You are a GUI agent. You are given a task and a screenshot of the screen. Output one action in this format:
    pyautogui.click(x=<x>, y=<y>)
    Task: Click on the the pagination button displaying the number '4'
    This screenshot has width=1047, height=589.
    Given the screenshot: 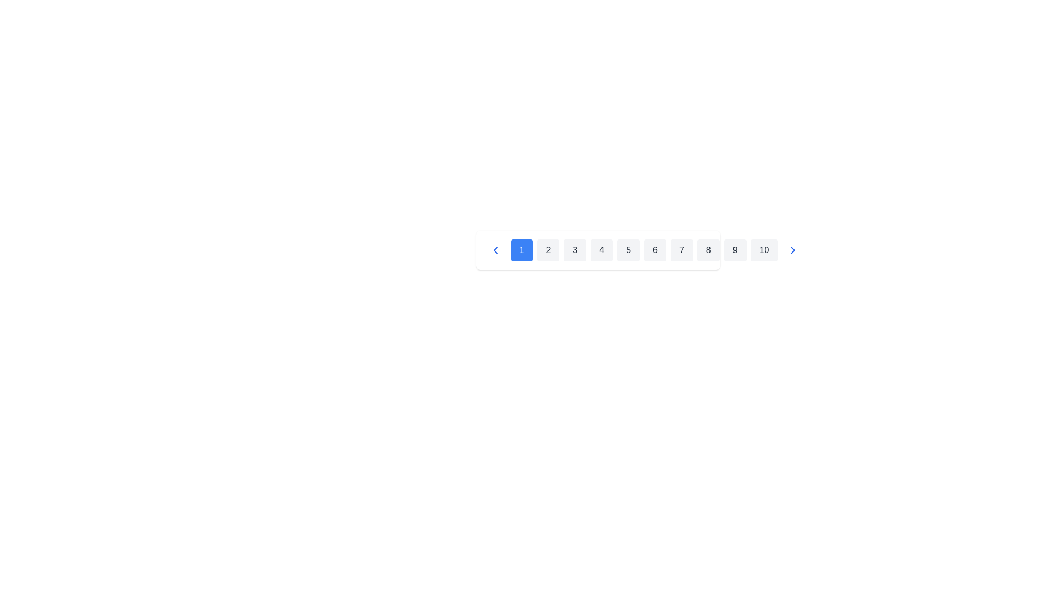 What is the action you would take?
    pyautogui.click(x=597, y=250)
    